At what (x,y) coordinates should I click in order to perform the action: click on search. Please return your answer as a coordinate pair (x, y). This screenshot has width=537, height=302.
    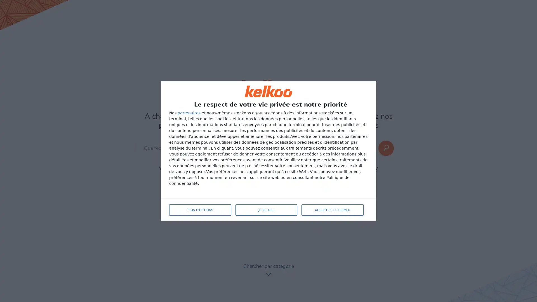
    Looking at the image, I should click on (386, 148).